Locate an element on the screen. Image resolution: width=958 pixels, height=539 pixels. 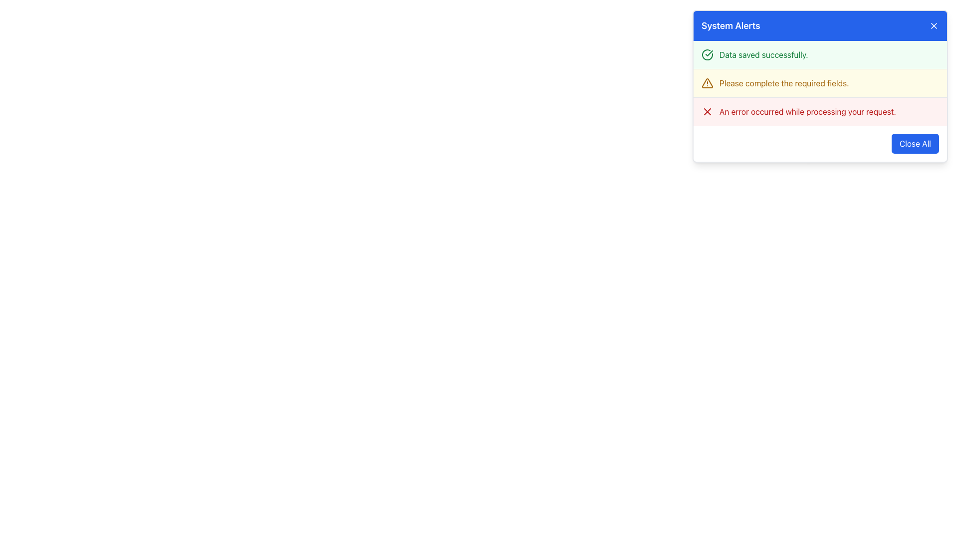
the close button located in the top-right corner of the 'System Alerts' bar of the notification box is located at coordinates (934, 25).